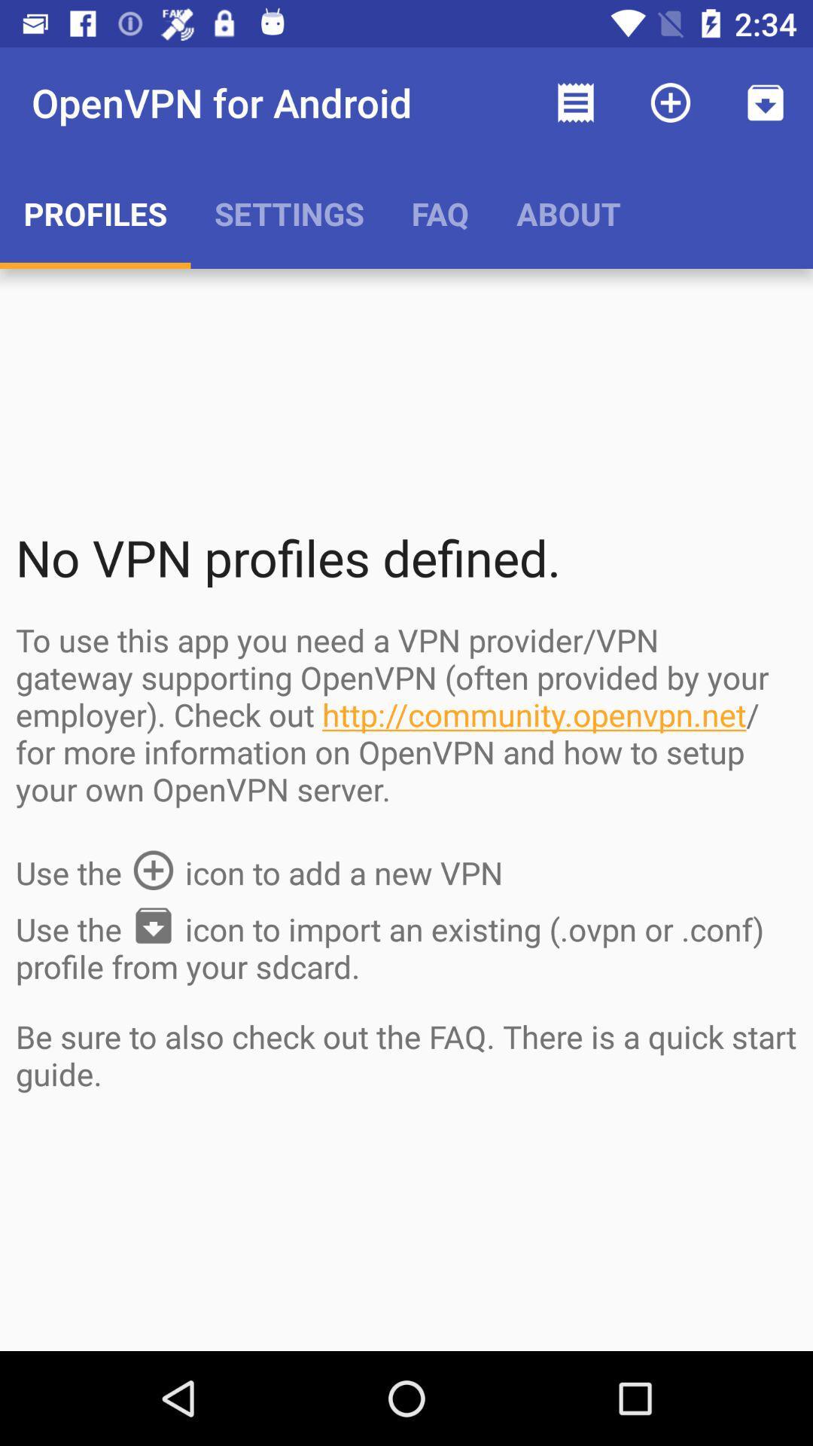  I want to click on app to the right of profiles item, so click(289, 212).